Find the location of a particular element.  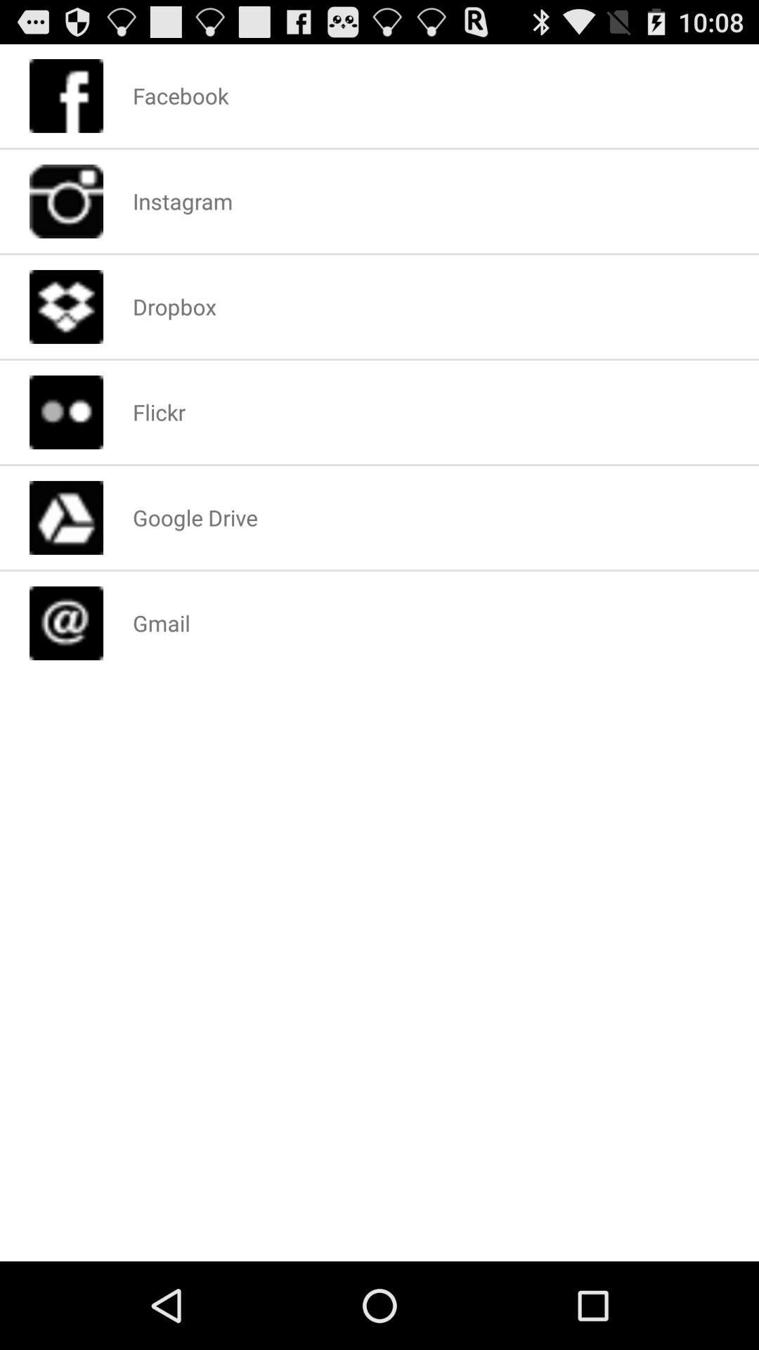

the icon below instagram icon is located at coordinates (174, 306).